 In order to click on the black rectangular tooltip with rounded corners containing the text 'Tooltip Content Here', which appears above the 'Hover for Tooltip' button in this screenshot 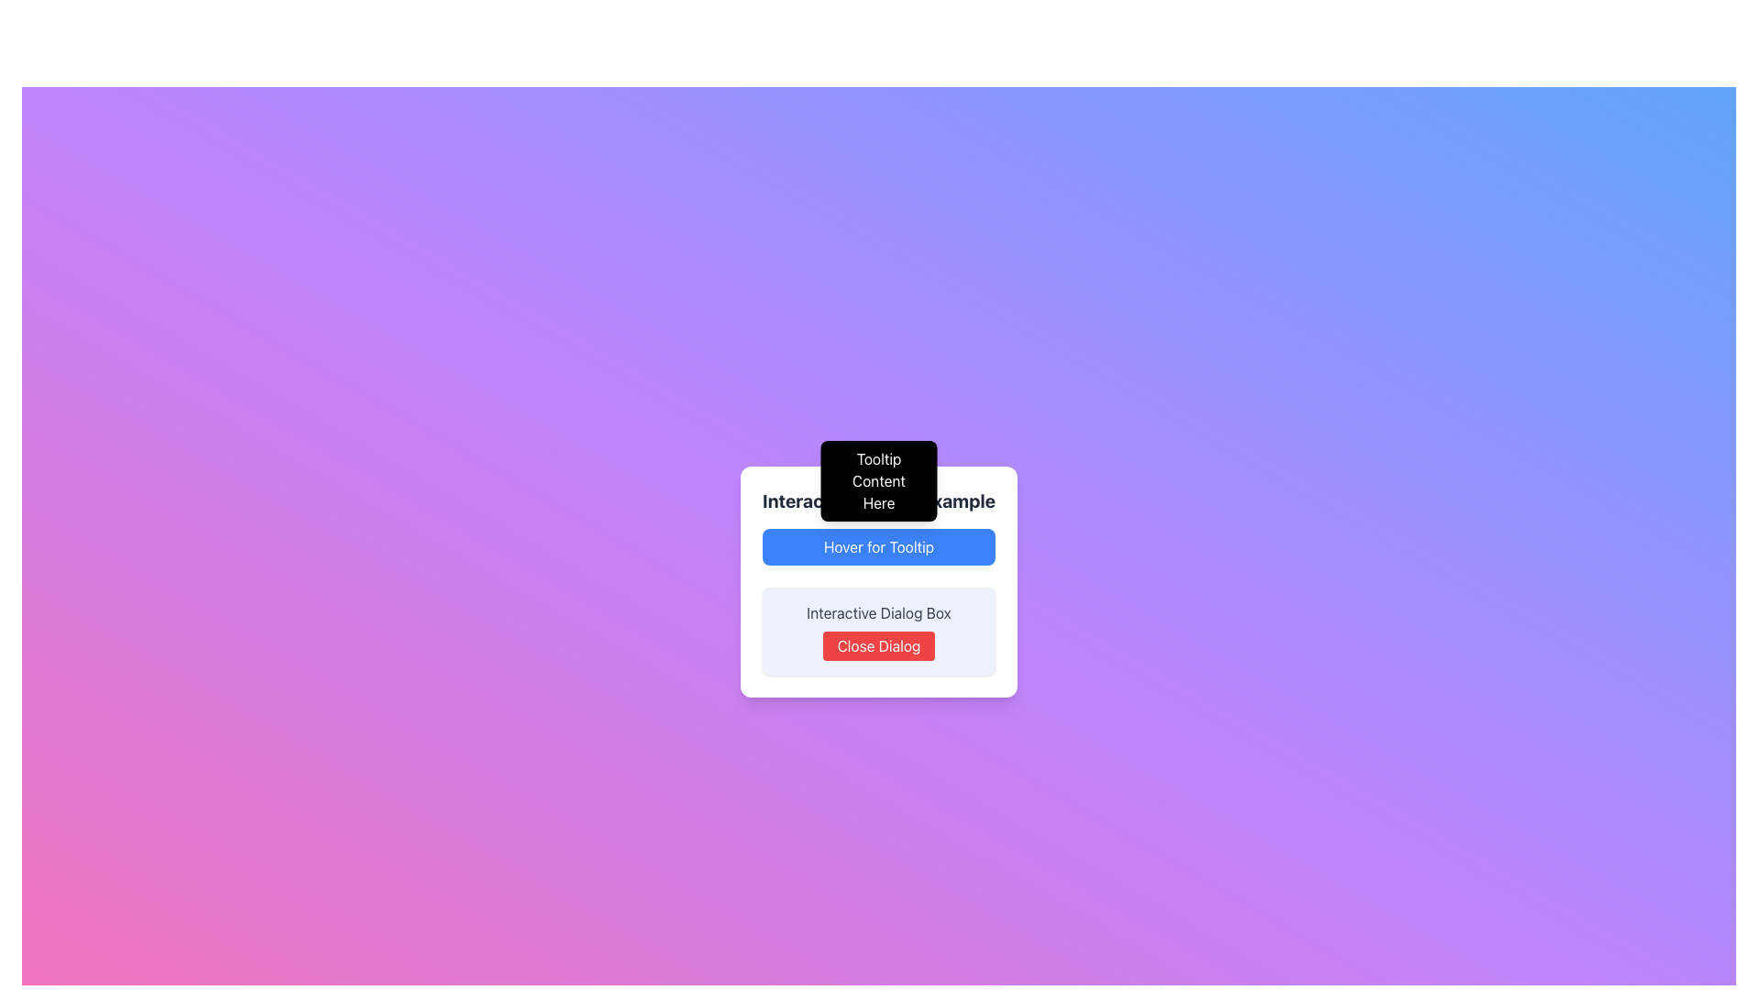, I will do `click(878, 479)`.